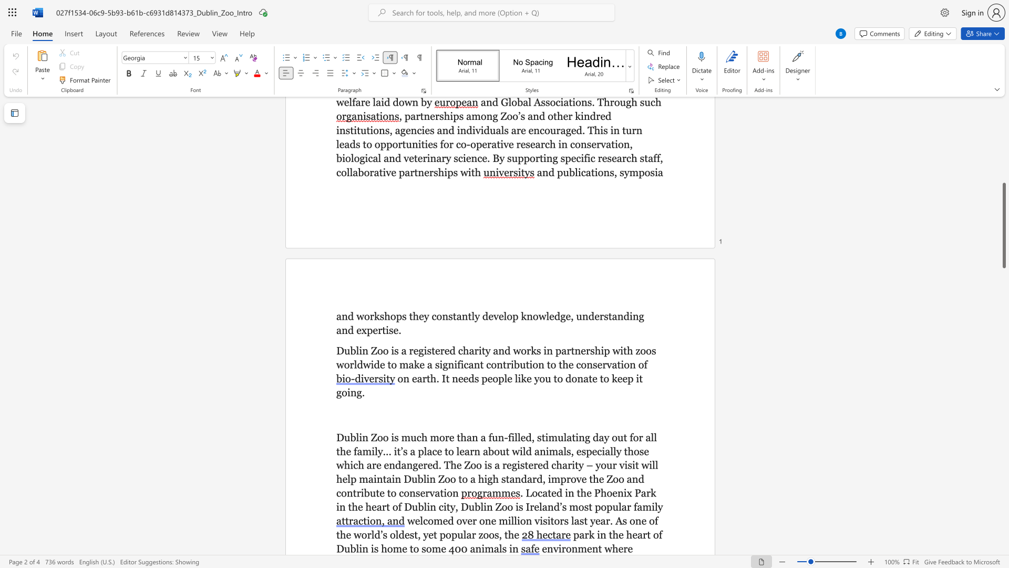  I want to click on the 1th character "m" in the text, so click(397, 548).